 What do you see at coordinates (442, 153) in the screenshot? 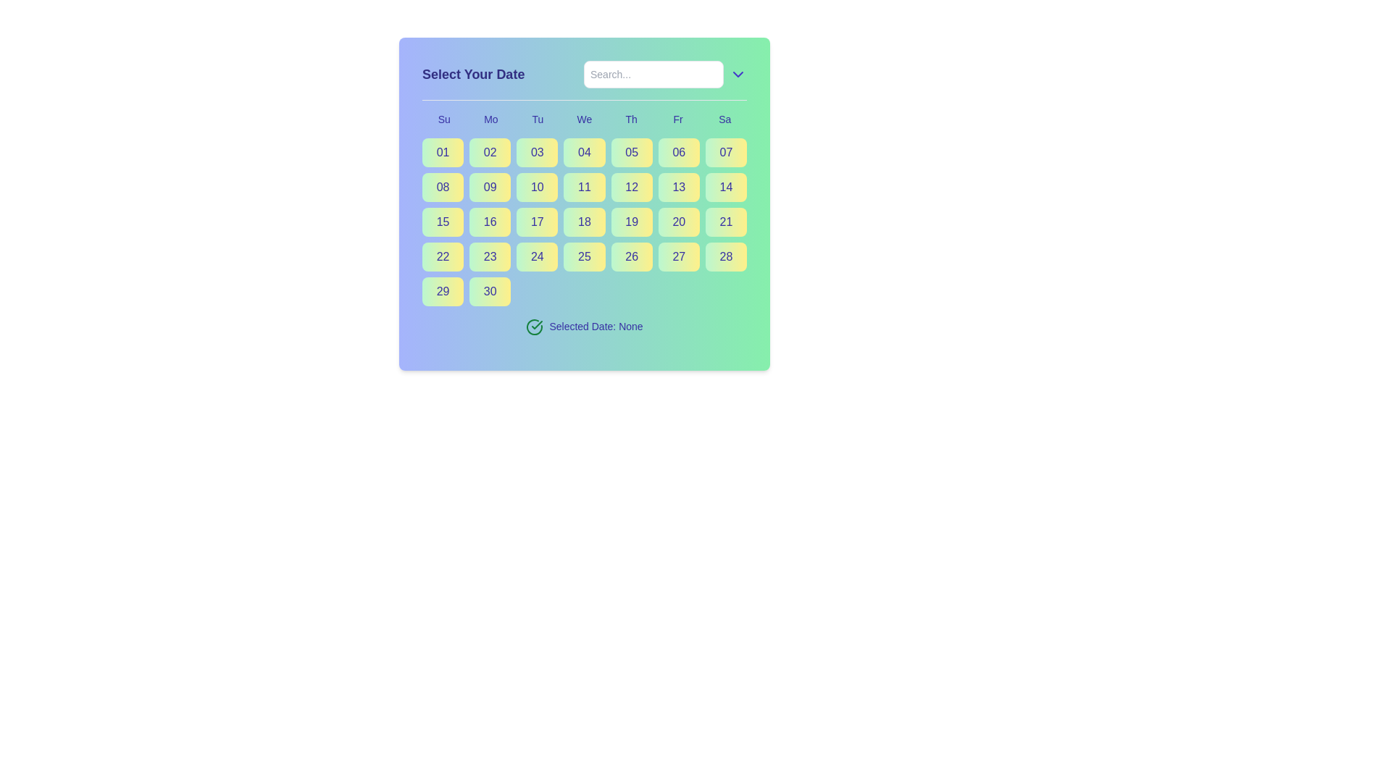
I see `the rounded rectangular button labeled '01' with a gradient background from greenish-yellow to yellow` at bounding box center [442, 153].